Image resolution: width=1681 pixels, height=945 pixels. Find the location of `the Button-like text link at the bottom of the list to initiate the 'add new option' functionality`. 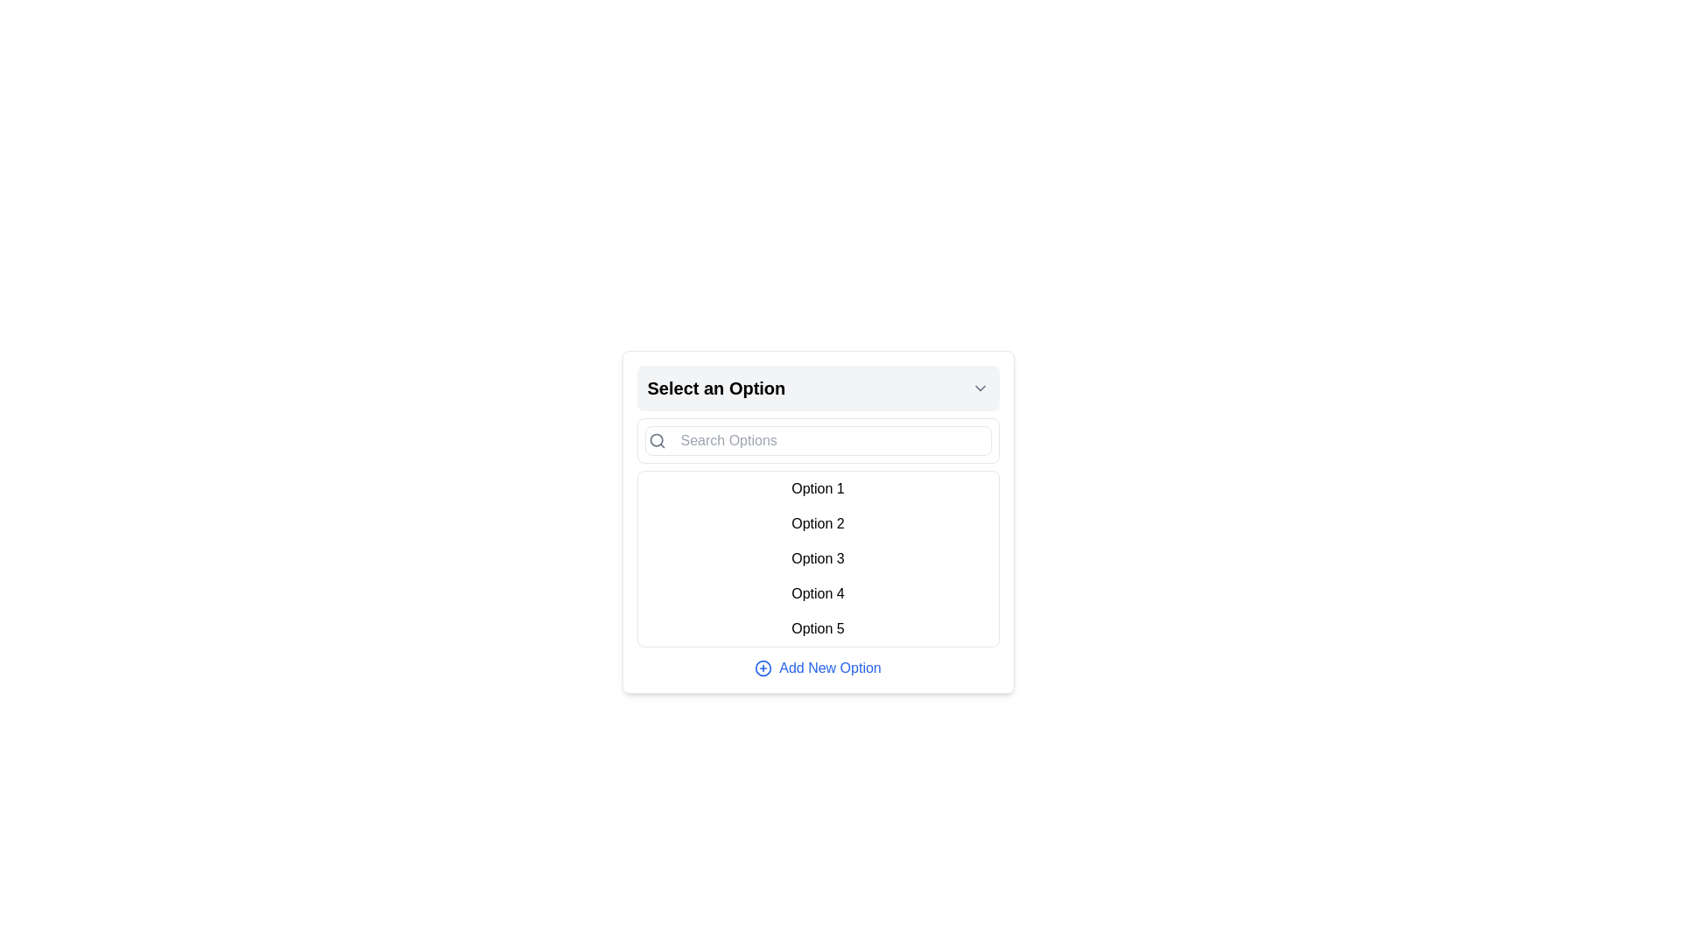

the Button-like text link at the bottom of the list to initiate the 'add new option' functionality is located at coordinates (829, 668).